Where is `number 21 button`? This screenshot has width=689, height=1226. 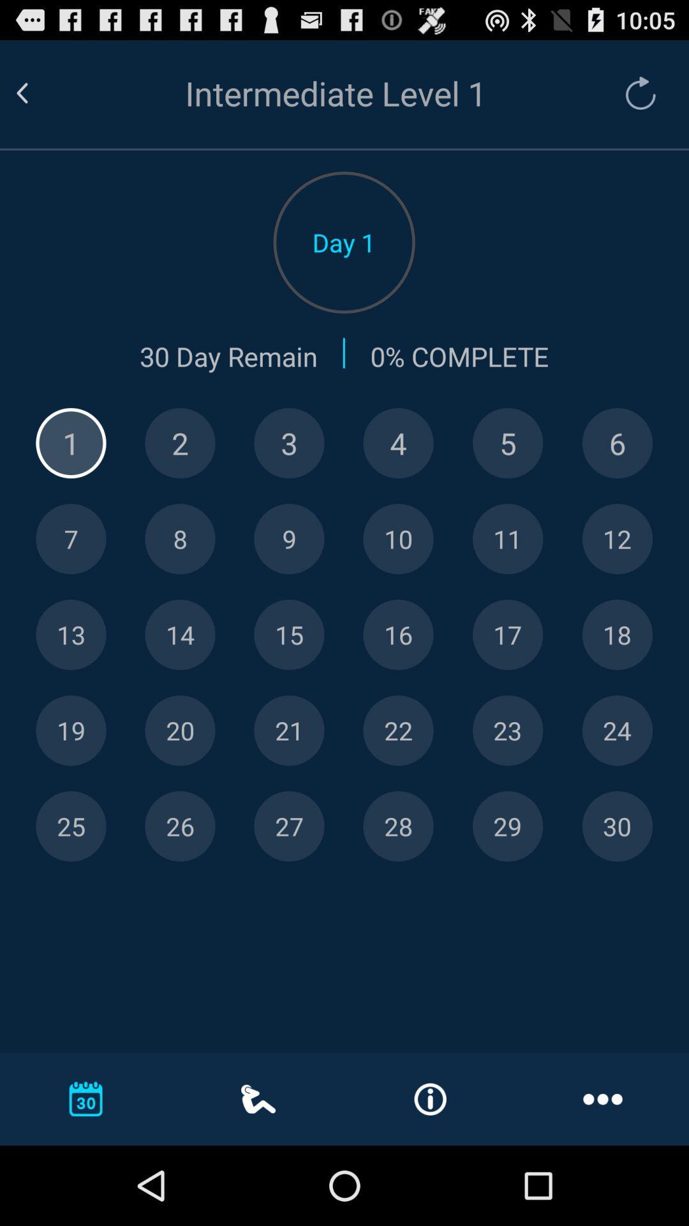
number 21 button is located at coordinates (289, 730).